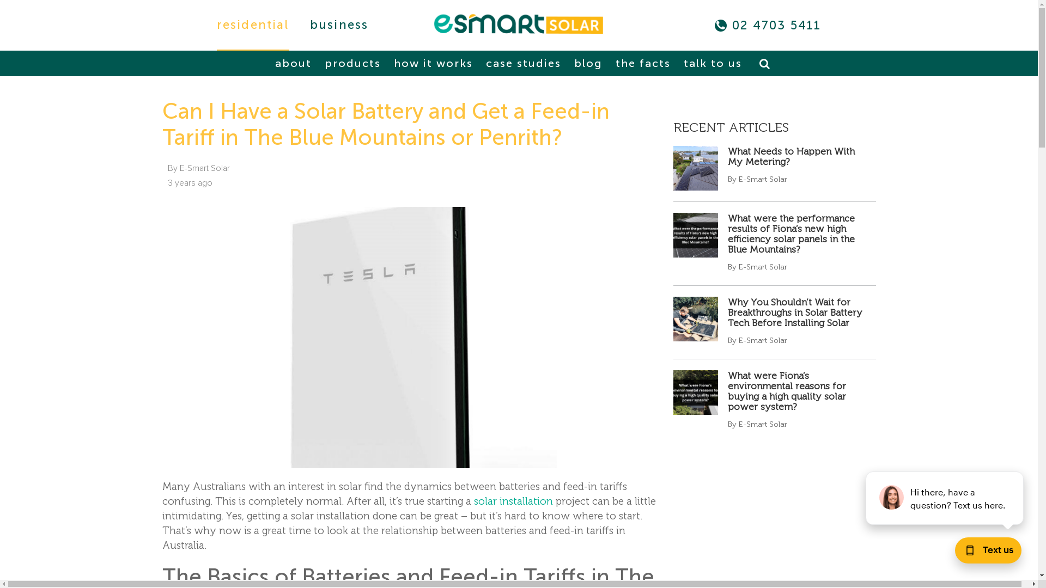 The height and width of the screenshot is (588, 1046). Describe the element at coordinates (293, 63) in the screenshot. I see `'about'` at that location.